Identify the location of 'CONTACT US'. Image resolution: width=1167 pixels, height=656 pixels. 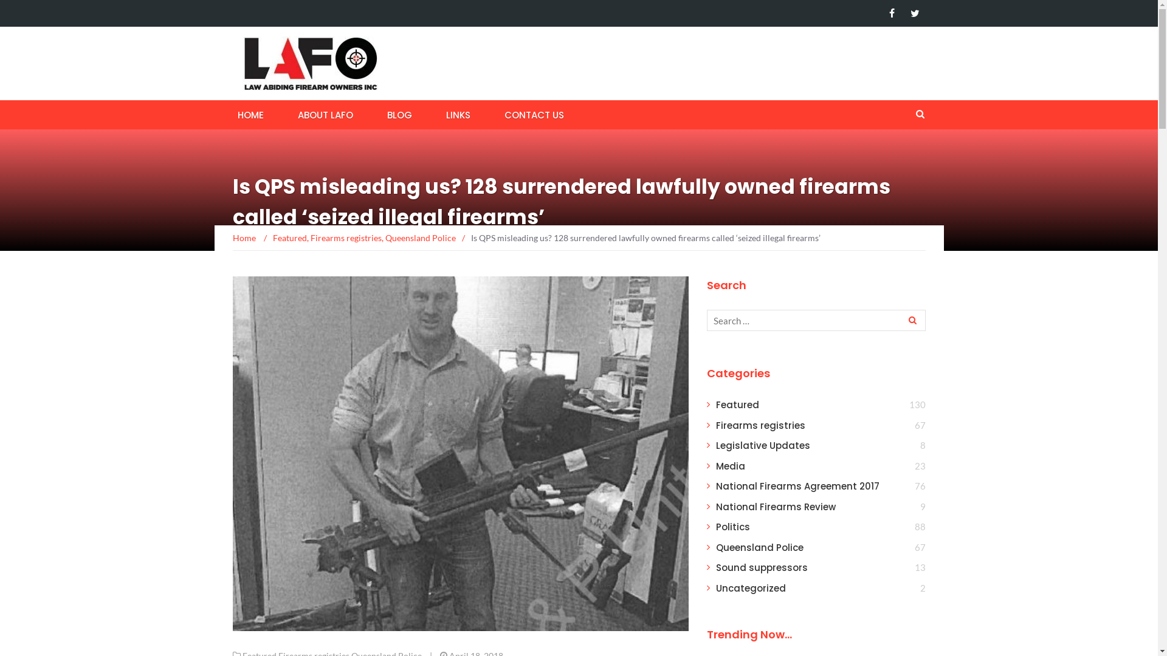
(534, 114).